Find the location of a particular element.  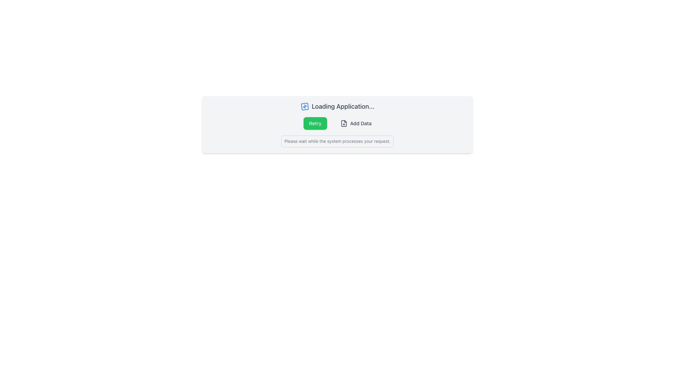

the retry action button located on the left side of two adjacent buttons under the 'Loading Application...' heading is located at coordinates (319, 123).